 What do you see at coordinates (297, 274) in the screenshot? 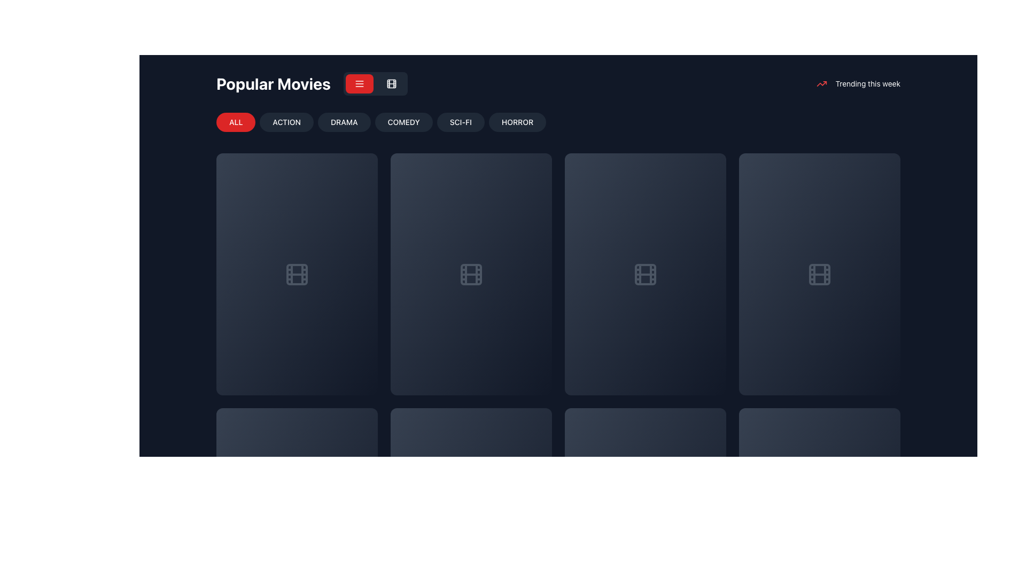
I see `the decorative graphic of the film reel icon located in the first grid cell of the movie cards list` at bounding box center [297, 274].